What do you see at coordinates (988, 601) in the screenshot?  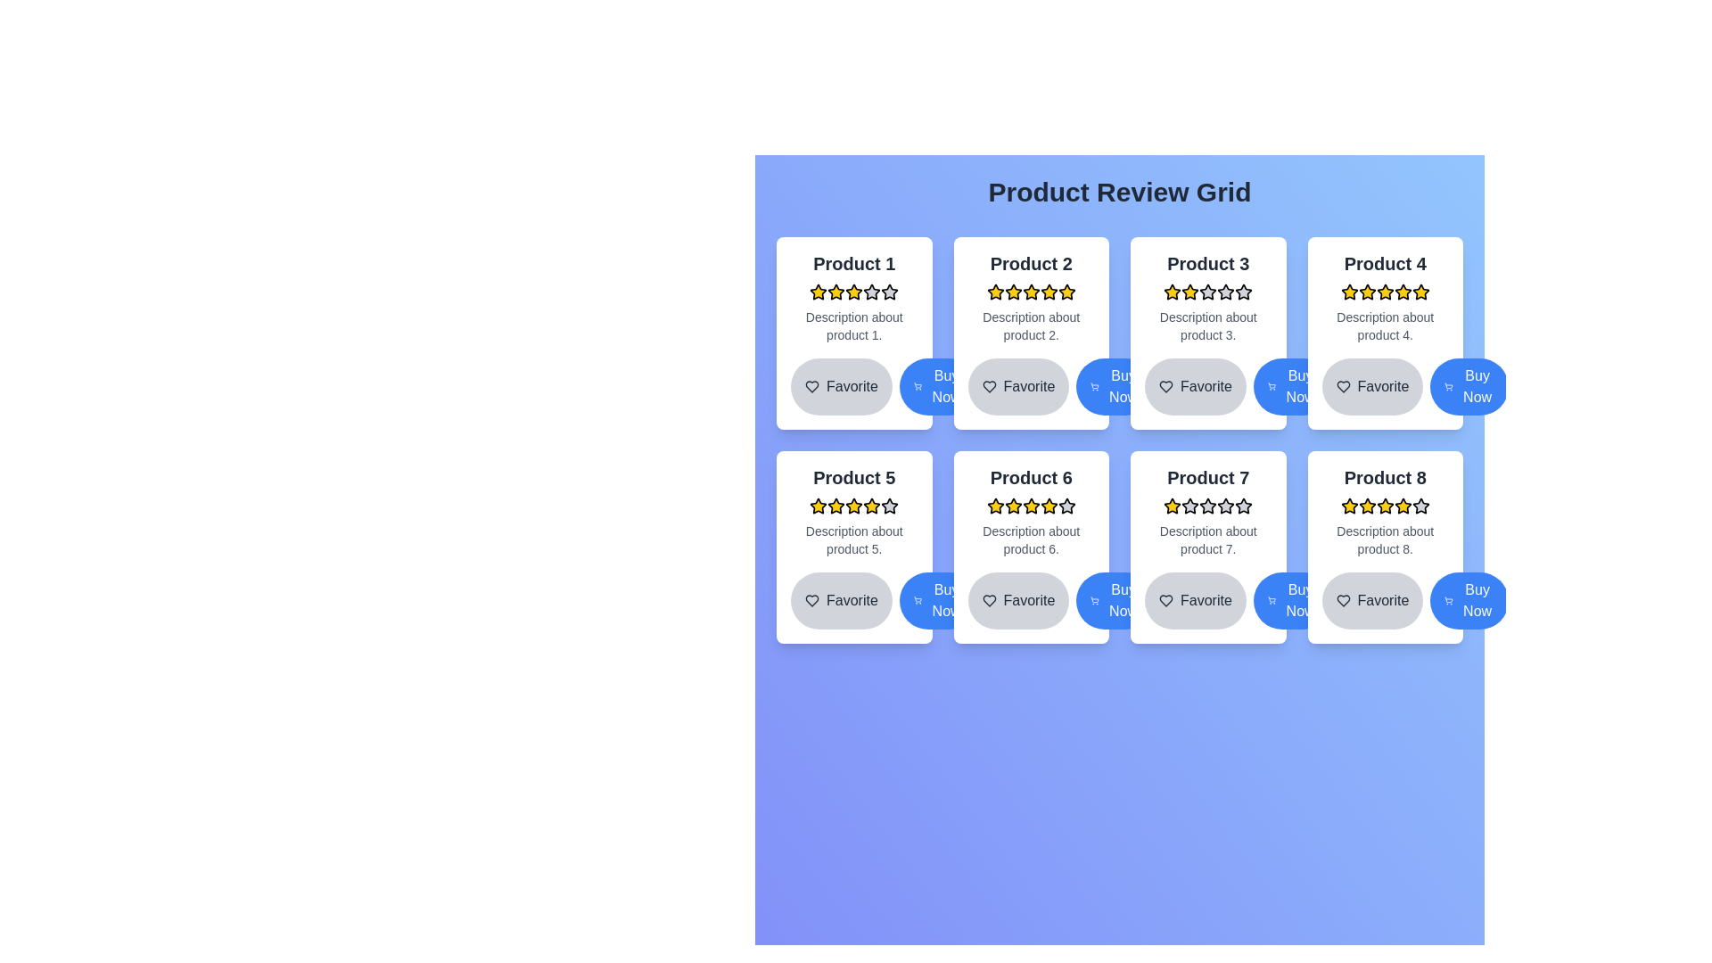 I see `the heart icon styled with an outline, which represents the favorite feature, located inside the 'Favorite' button adjacent to the 'Favorite' text label for 'Product 6'` at bounding box center [988, 601].